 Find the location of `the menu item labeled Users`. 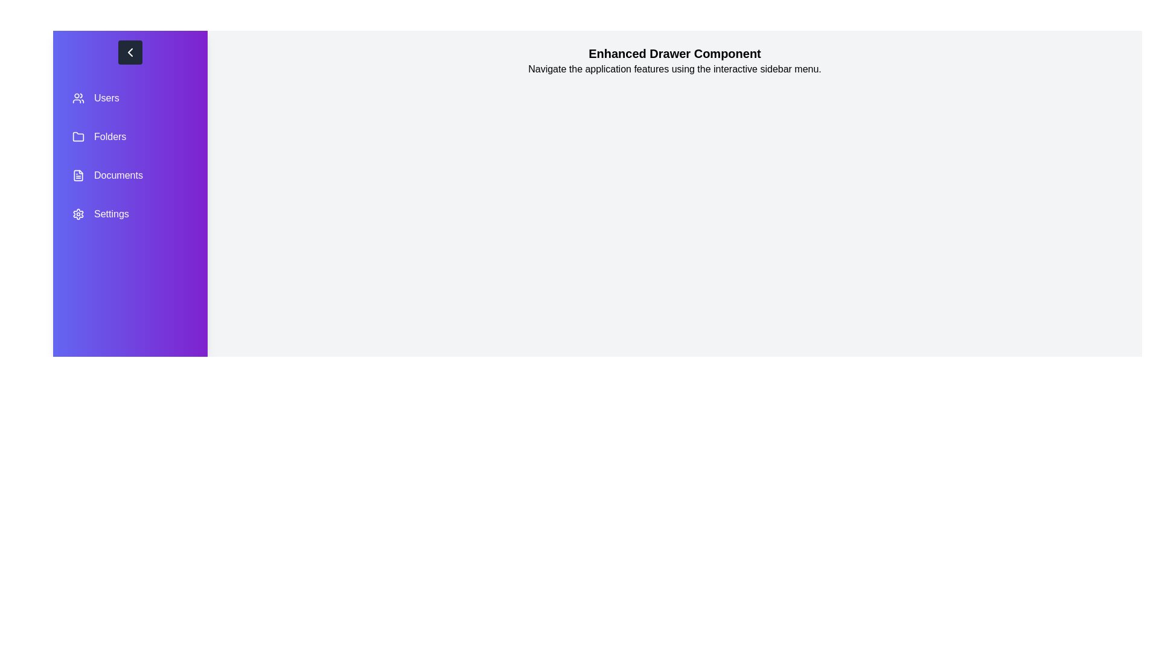

the menu item labeled Users is located at coordinates (130, 97).